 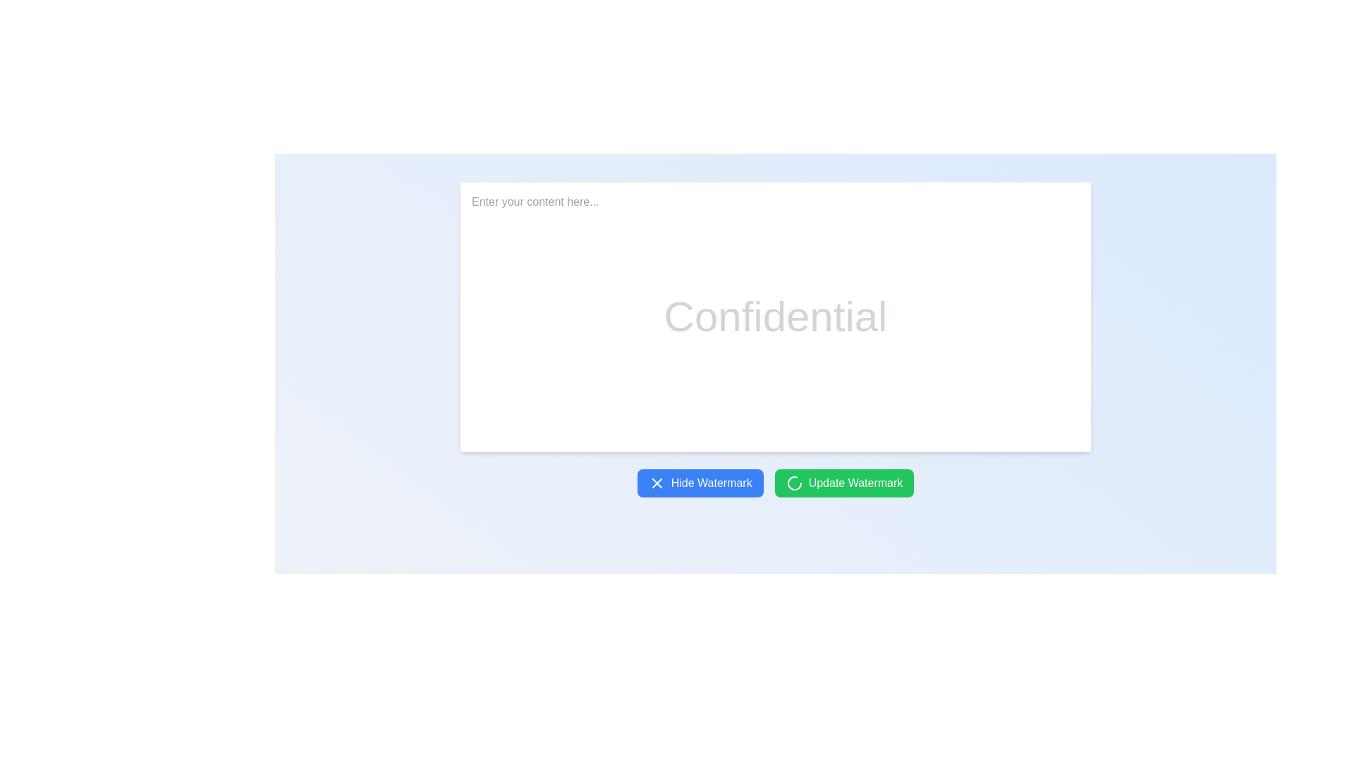 What do you see at coordinates (794, 483) in the screenshot?
I see `the SVG icon indicating a loading state, which is positioned to the left of the 'Update Watermark' button` at bounding box center [794, 483].